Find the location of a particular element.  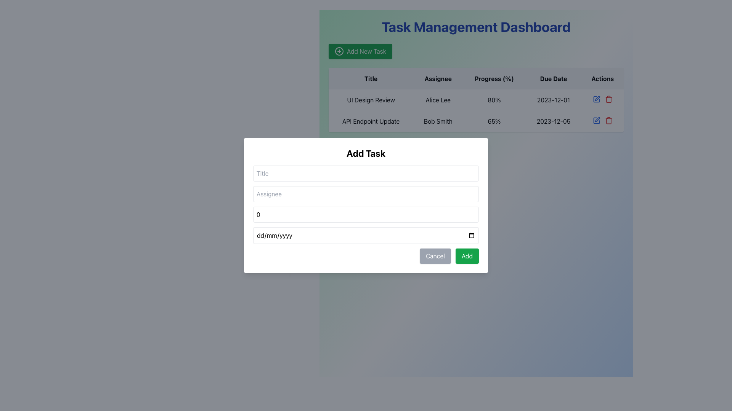

the informational text label displaying the progress percentage (80%) for the task 'UI Design Review' located in the 'Progress (%)' column of the corresponding table is located at coordinates (494, 99).